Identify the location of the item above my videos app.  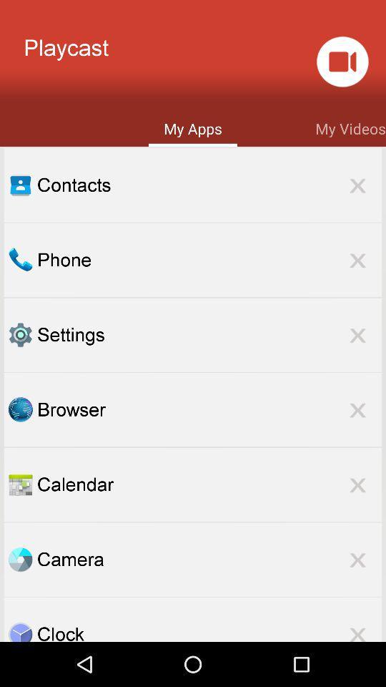
(342, 62).